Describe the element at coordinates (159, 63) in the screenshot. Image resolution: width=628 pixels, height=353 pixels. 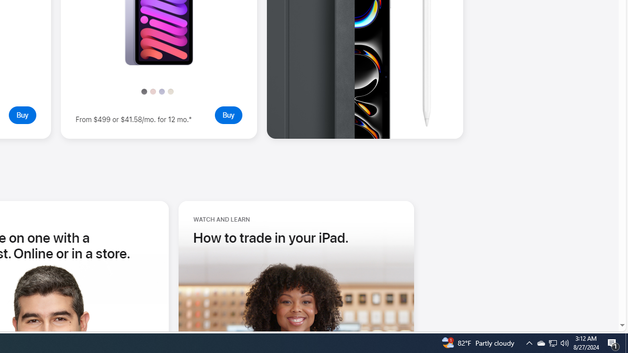
I see `'Take a closer look - iPad mini '` at that location.